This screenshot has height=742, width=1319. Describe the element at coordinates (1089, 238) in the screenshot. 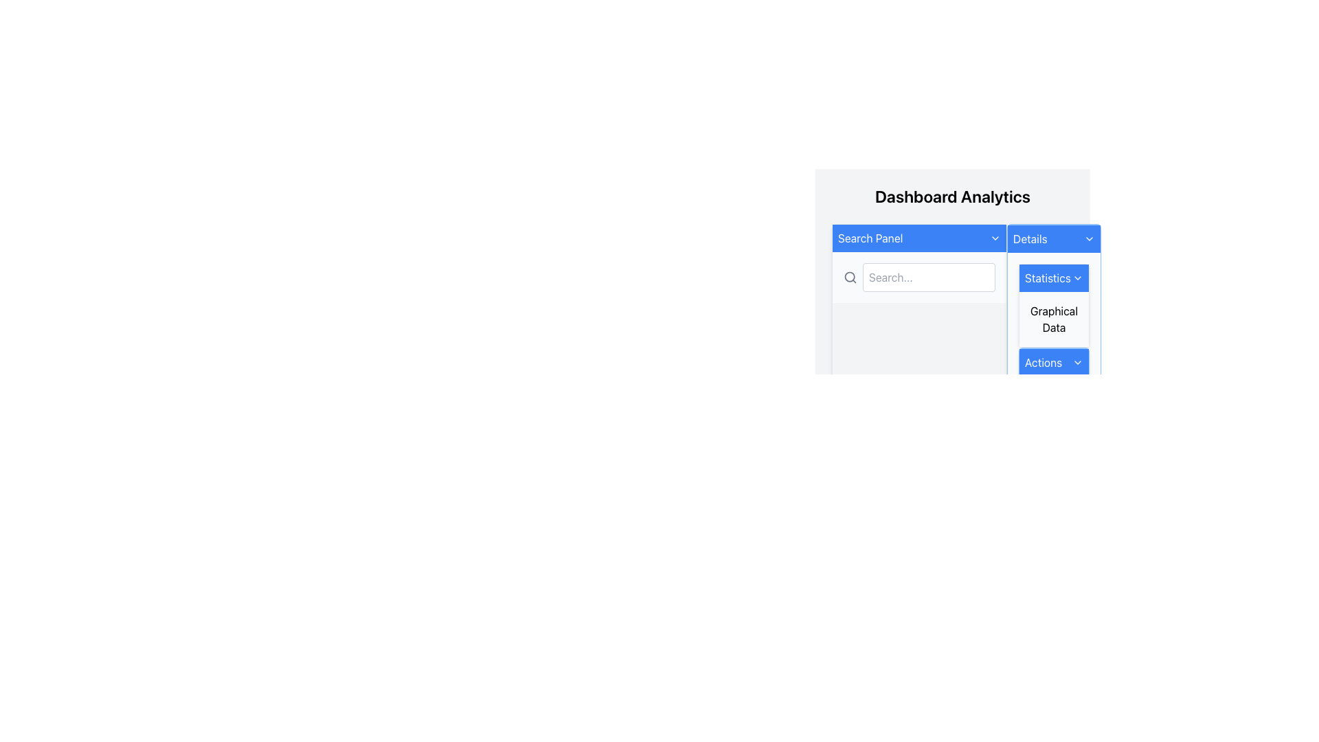

I see `the chevron icon located at the right end of the 'Details' button` at that location.